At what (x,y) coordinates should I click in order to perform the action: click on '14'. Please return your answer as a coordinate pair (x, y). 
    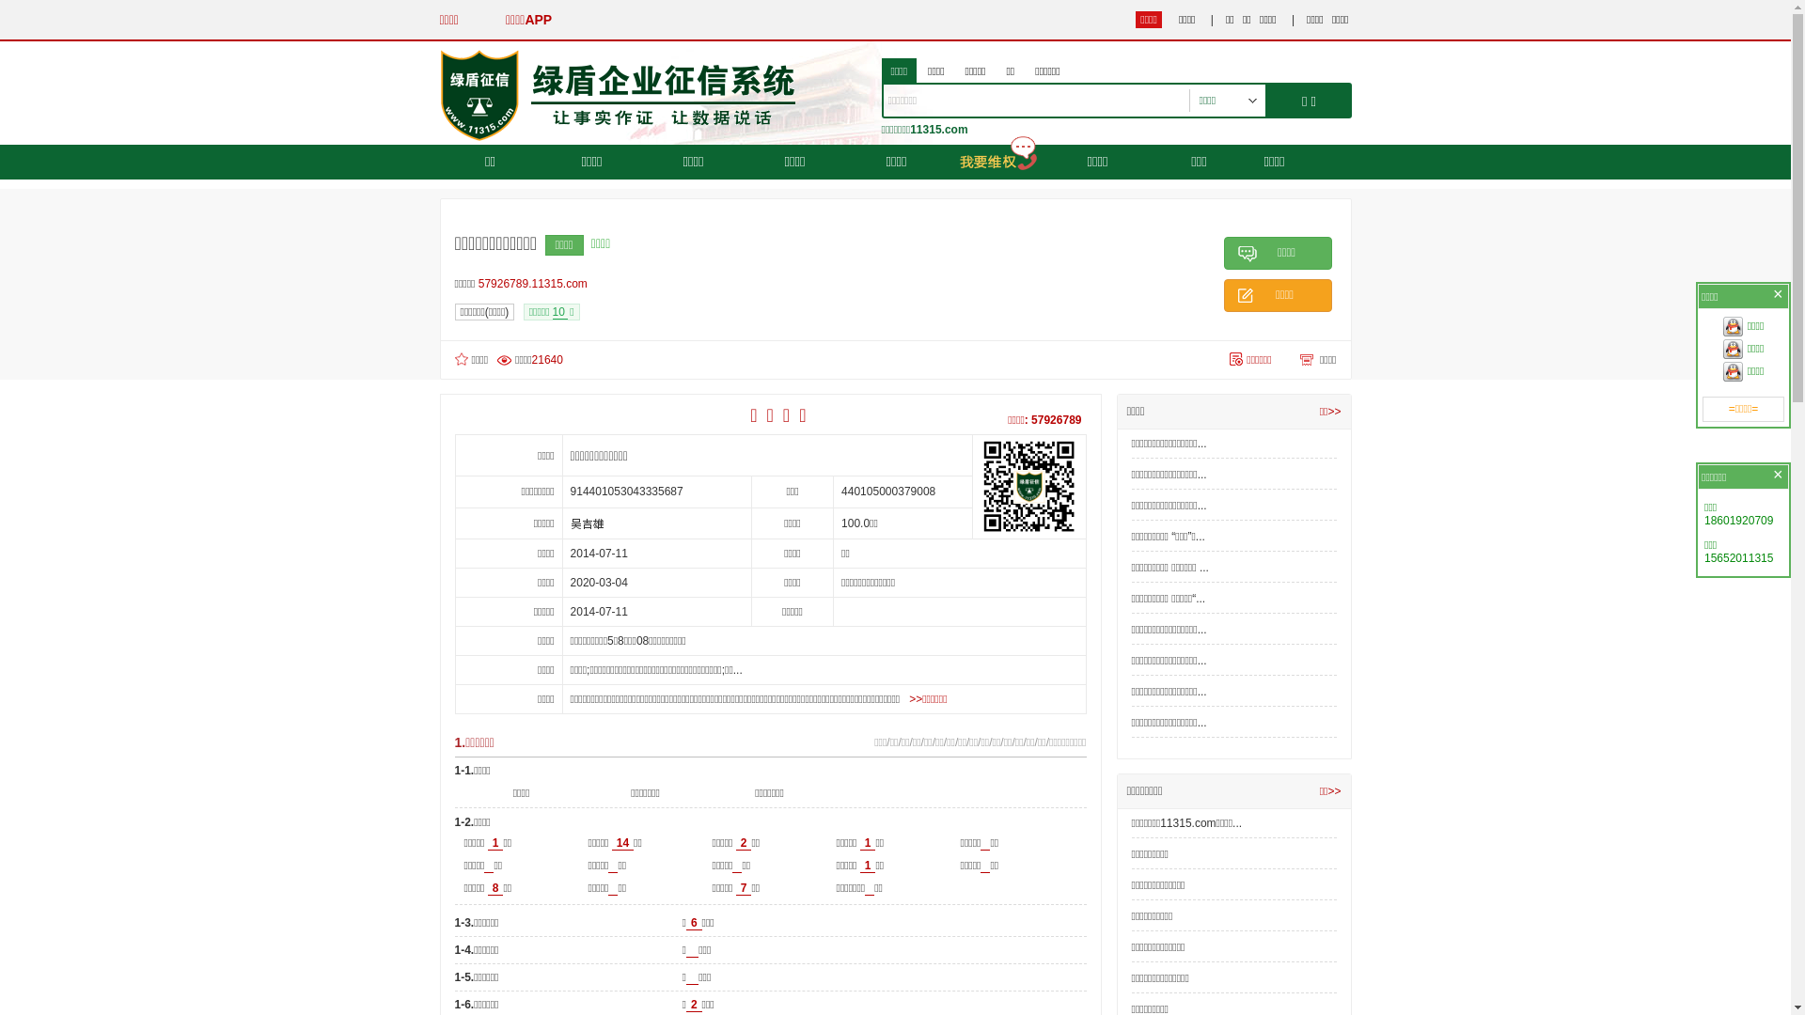
    Looking at the image, I should click on (622, 842).